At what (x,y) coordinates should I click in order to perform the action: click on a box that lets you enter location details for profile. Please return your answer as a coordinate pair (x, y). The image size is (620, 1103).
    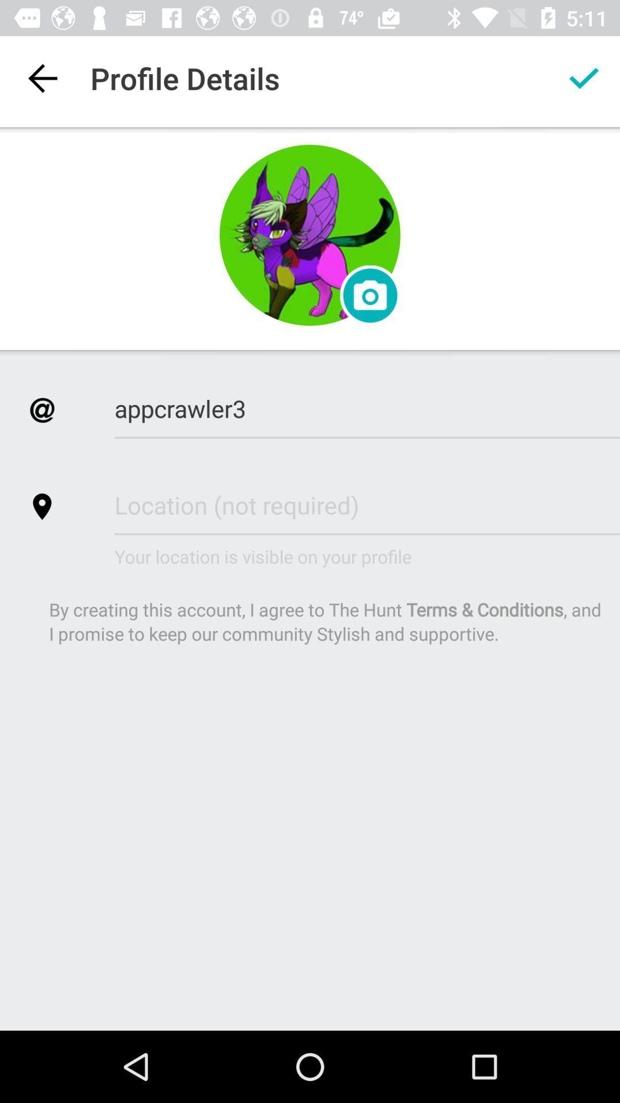
    Looking at the image, I should click on (367, 504).